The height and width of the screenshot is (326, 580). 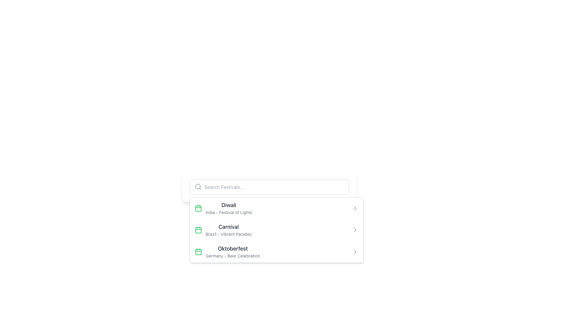 I want to click on the text label displaying 'India - Festival of Lights', which is located underneath the bold 'Diwali' title in the festival list, so click(x=228, y=212).